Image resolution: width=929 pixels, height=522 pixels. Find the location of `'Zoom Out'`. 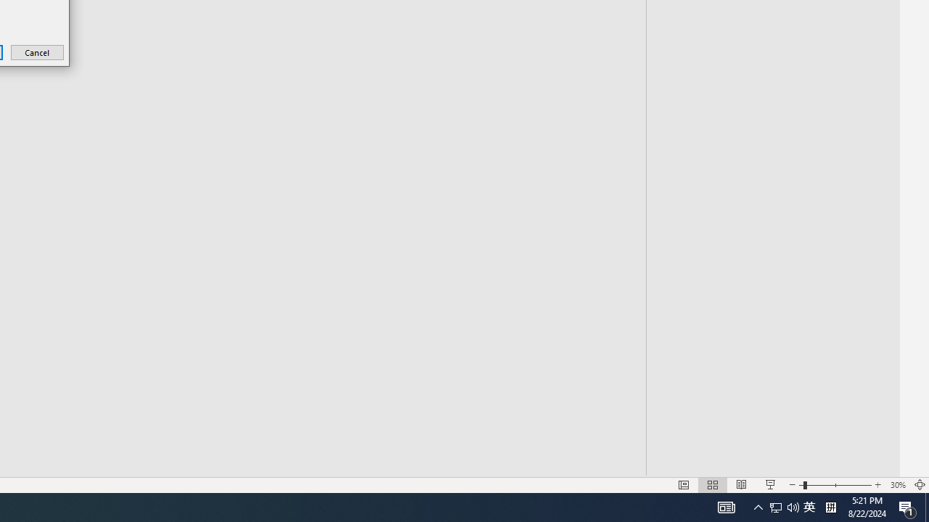

'Zoom Out' is located at coordinates (783, 506).